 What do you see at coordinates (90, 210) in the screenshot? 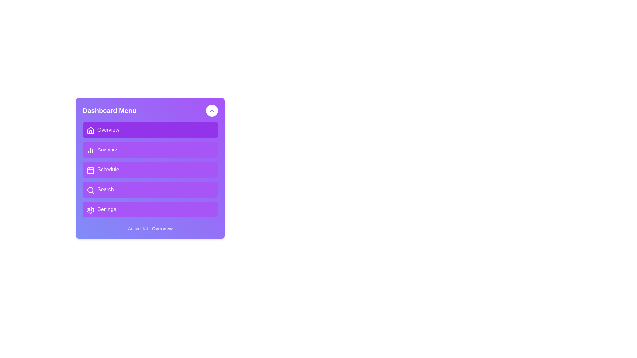
I see `the gear-shaped icon located to the left of the 'Settings' text in the bottom menu option of the sidebar to potentially reveal a tooltip or effect` at bounding box center [90, 210].